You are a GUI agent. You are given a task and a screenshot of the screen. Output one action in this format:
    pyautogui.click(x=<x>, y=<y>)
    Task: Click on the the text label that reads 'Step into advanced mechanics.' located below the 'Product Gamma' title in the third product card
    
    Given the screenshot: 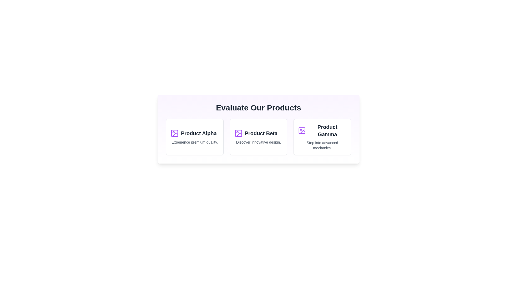 What is the action you would take?
    pyautogui.click(x=322, y=145)
    